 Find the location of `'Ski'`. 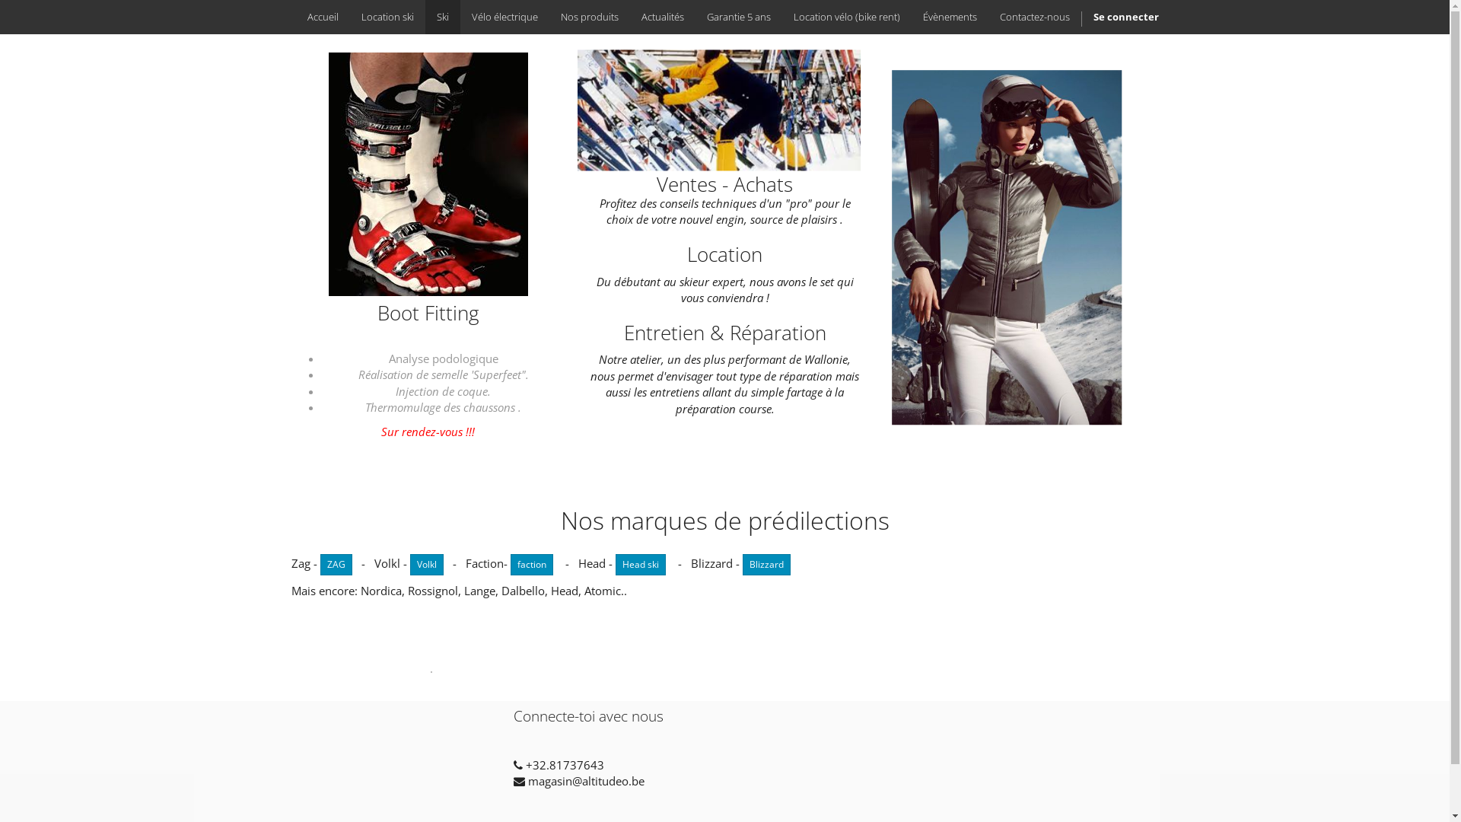

'Ski' is located at coordinates (441, 17).